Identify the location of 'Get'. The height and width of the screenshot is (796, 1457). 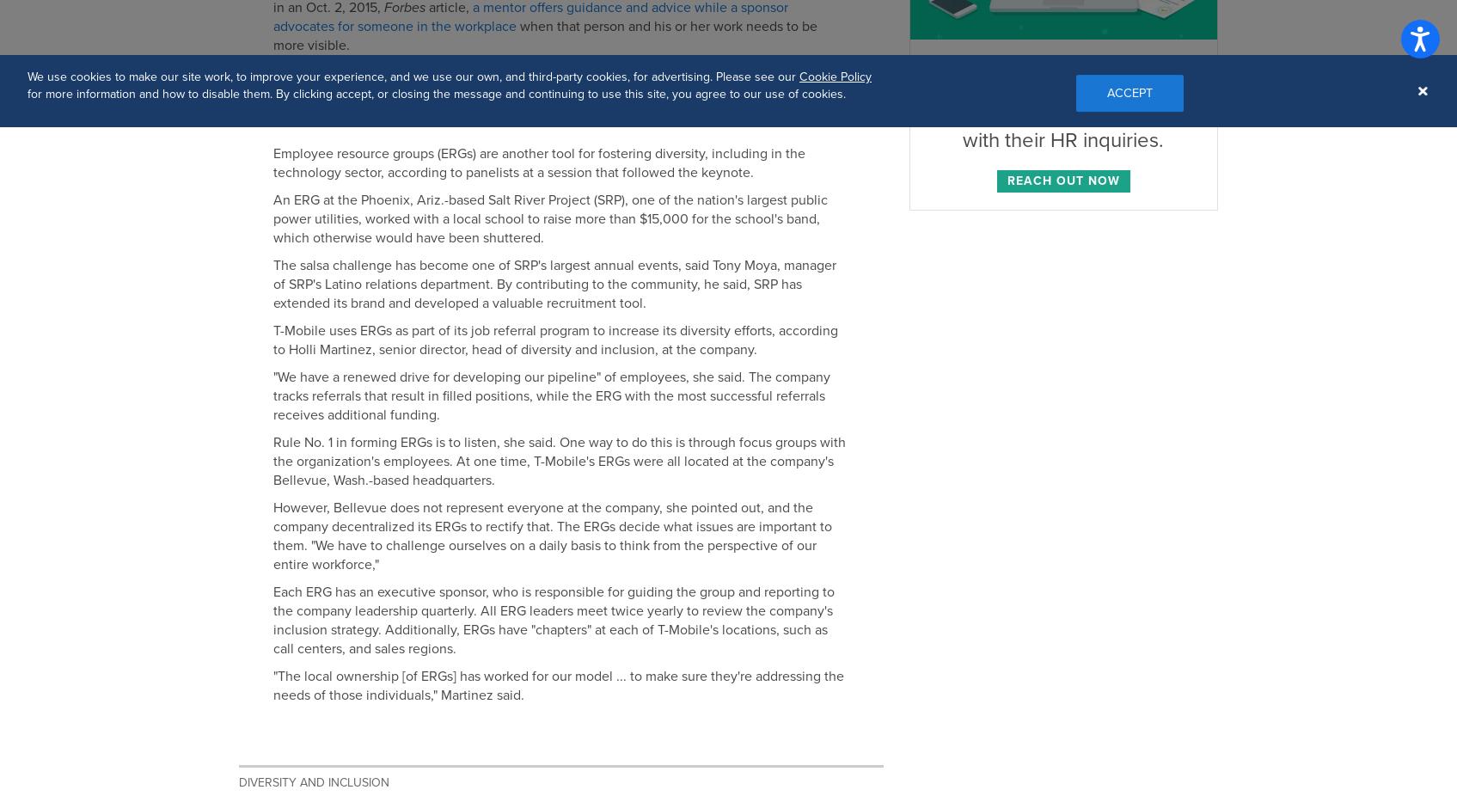
(415, 87).